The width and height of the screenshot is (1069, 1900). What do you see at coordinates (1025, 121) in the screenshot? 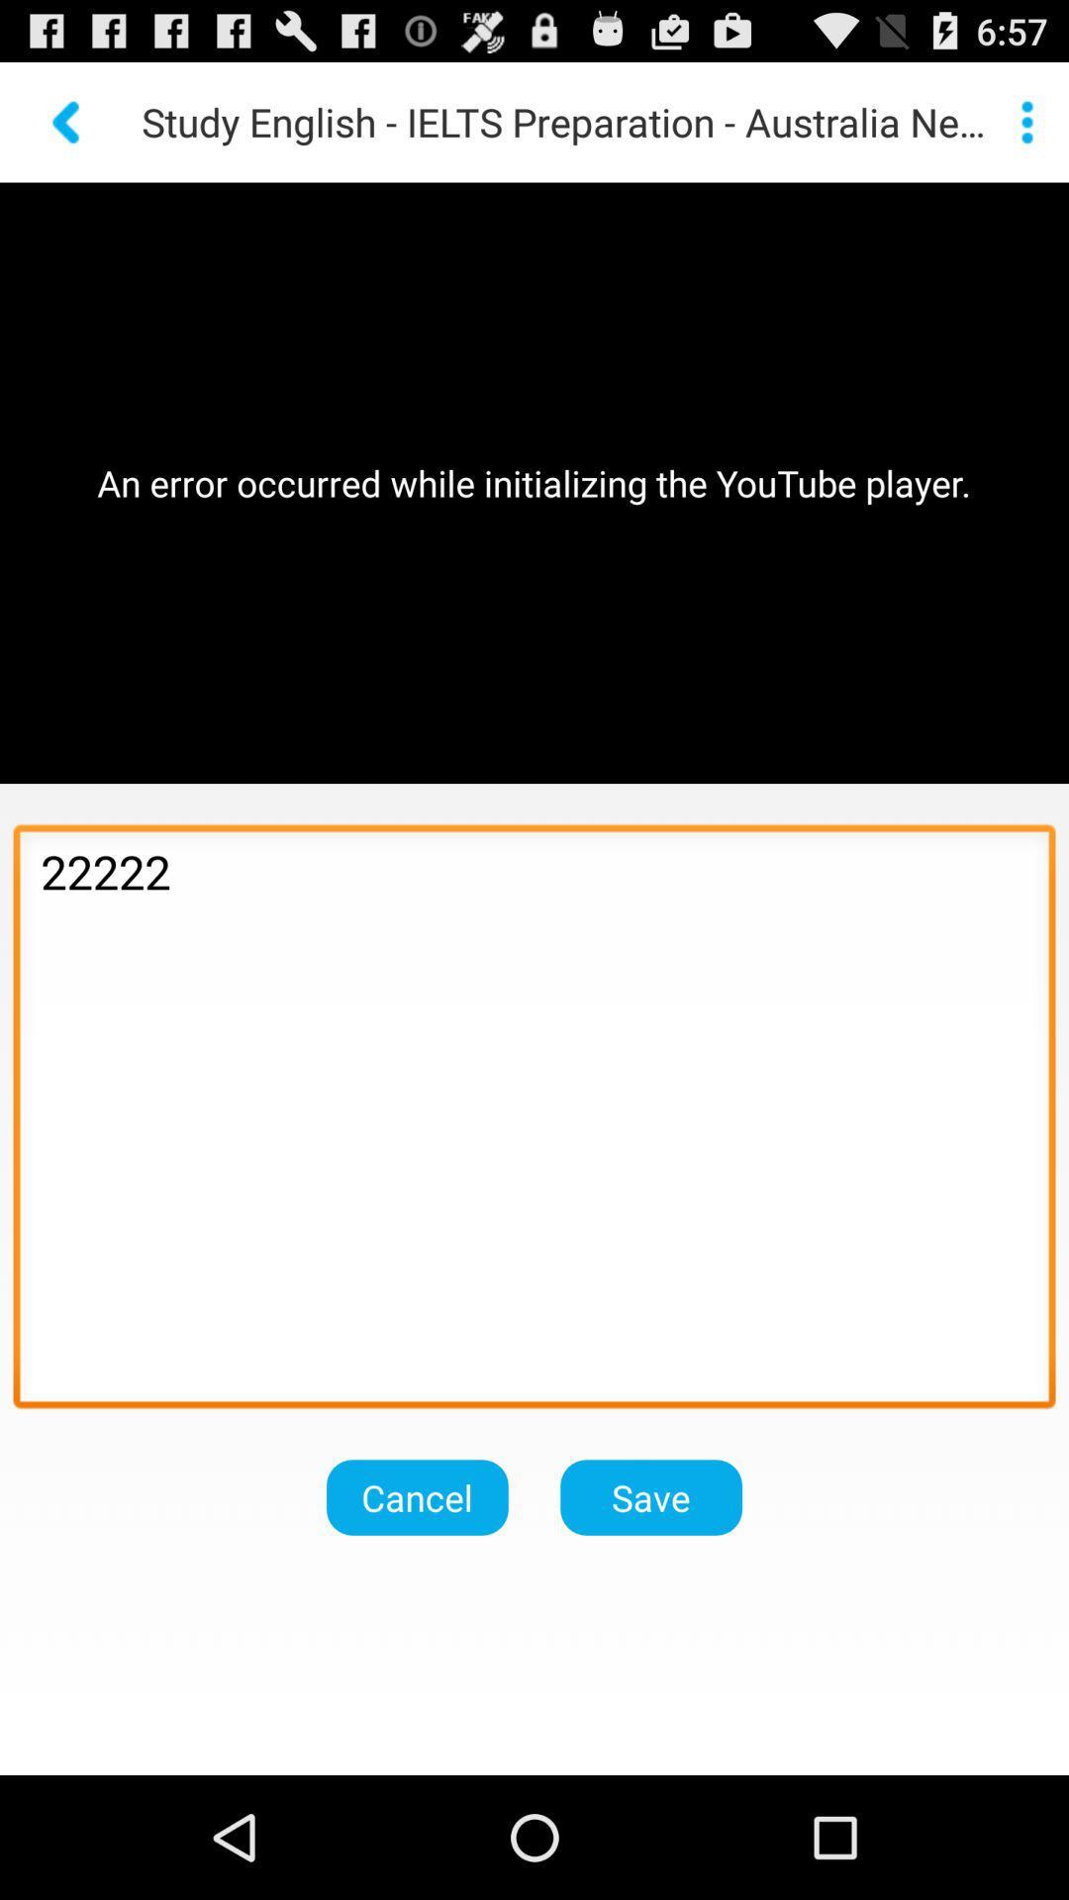
I see `more info` at bounding box center [1025, 121].